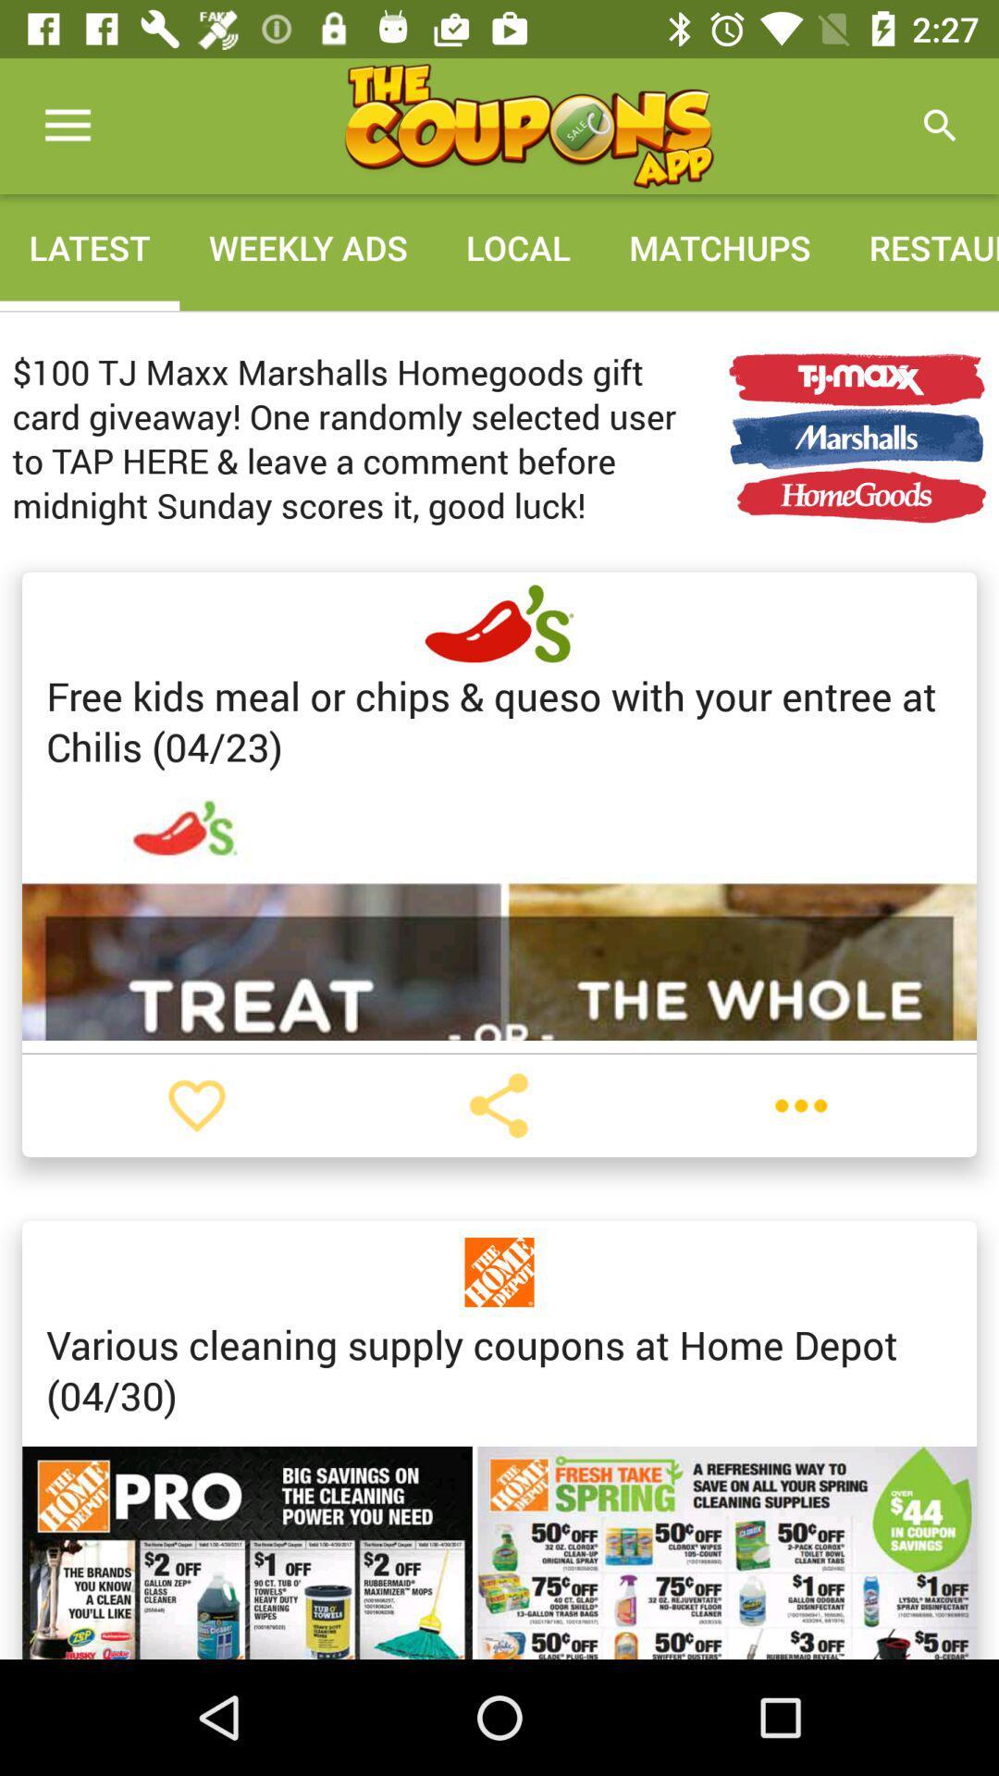 This screenshot has width=999, height=1776. I want to click on share the article, so click(498, 1105).